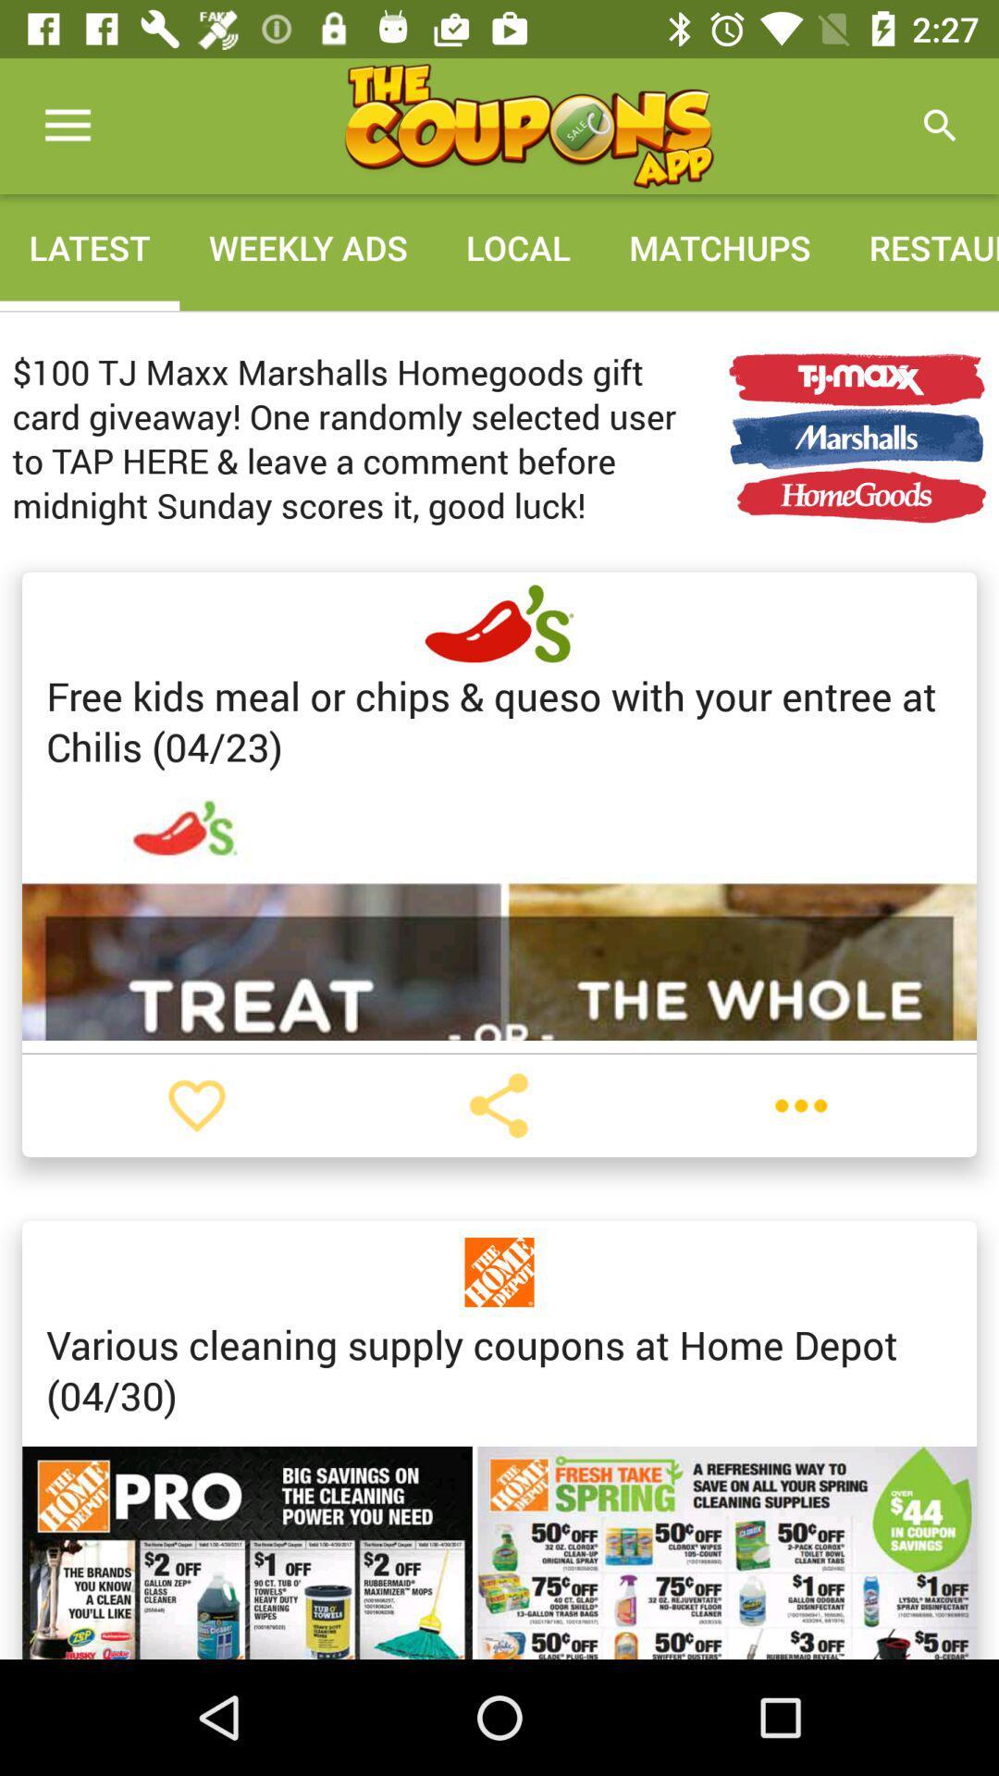 This screenshot has width=999, height=1776. I want to click on share the article, so click(498, 1105).